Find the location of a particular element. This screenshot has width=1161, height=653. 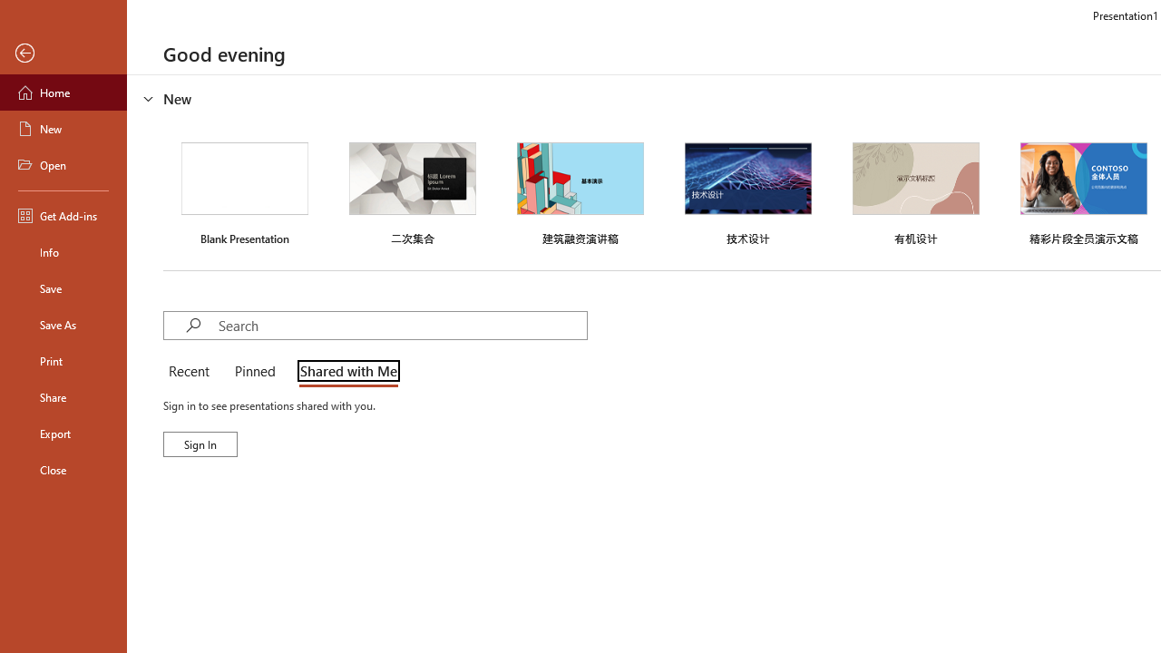

'Hide or show region' is located at coordinates (149, 99).